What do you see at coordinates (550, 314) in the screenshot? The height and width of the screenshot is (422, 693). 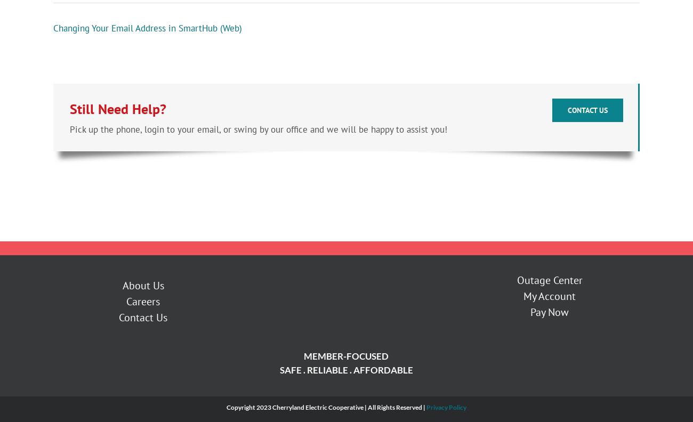 I see `'Pay Now'` at bounding box center [550, 314].